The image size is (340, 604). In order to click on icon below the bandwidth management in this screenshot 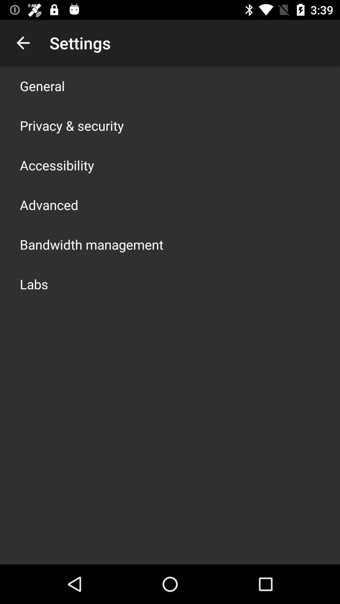, I will do `click(34, 283)`.